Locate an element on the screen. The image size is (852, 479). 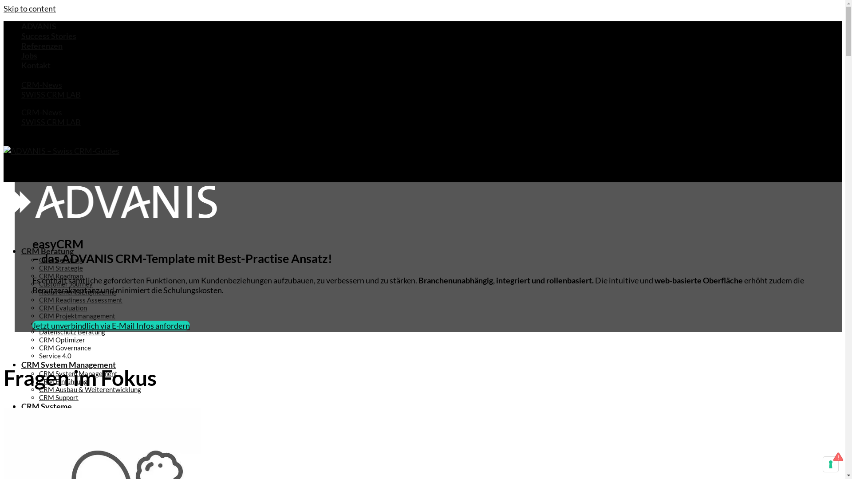
'CRM System Management' is located at coordinates (78, 373).